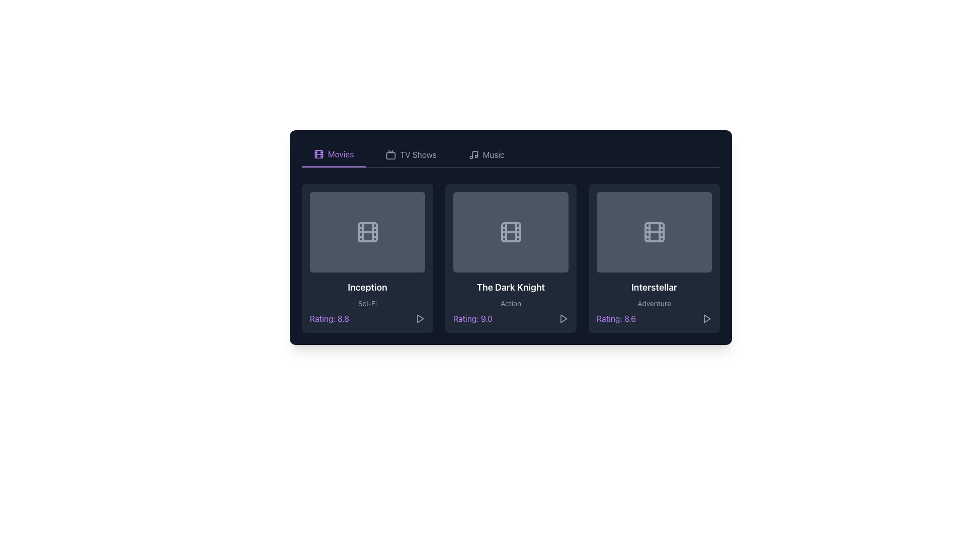 This screenshot has height=543, width=966. I want to click on the Decorative icon located in the upper-left region of the 'Movies' tab, which serves as a visual indicator for the category, so click(318, 154).